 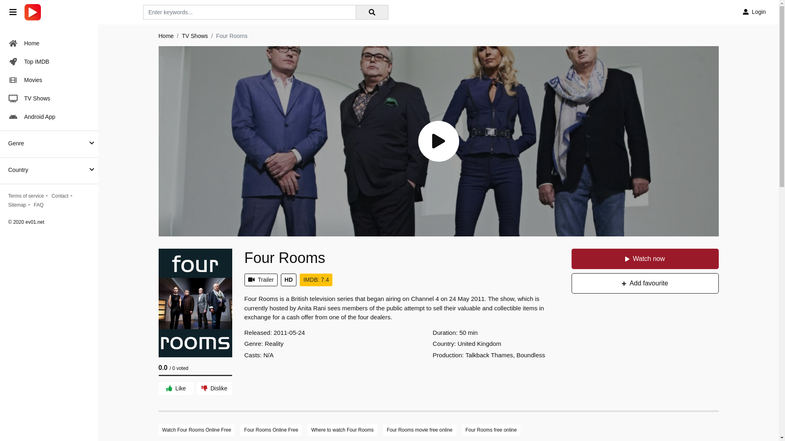 What do you see at coordinates (274, 343) in the screenshot?
I see `'Reality'` at bounding box center [274, 343].